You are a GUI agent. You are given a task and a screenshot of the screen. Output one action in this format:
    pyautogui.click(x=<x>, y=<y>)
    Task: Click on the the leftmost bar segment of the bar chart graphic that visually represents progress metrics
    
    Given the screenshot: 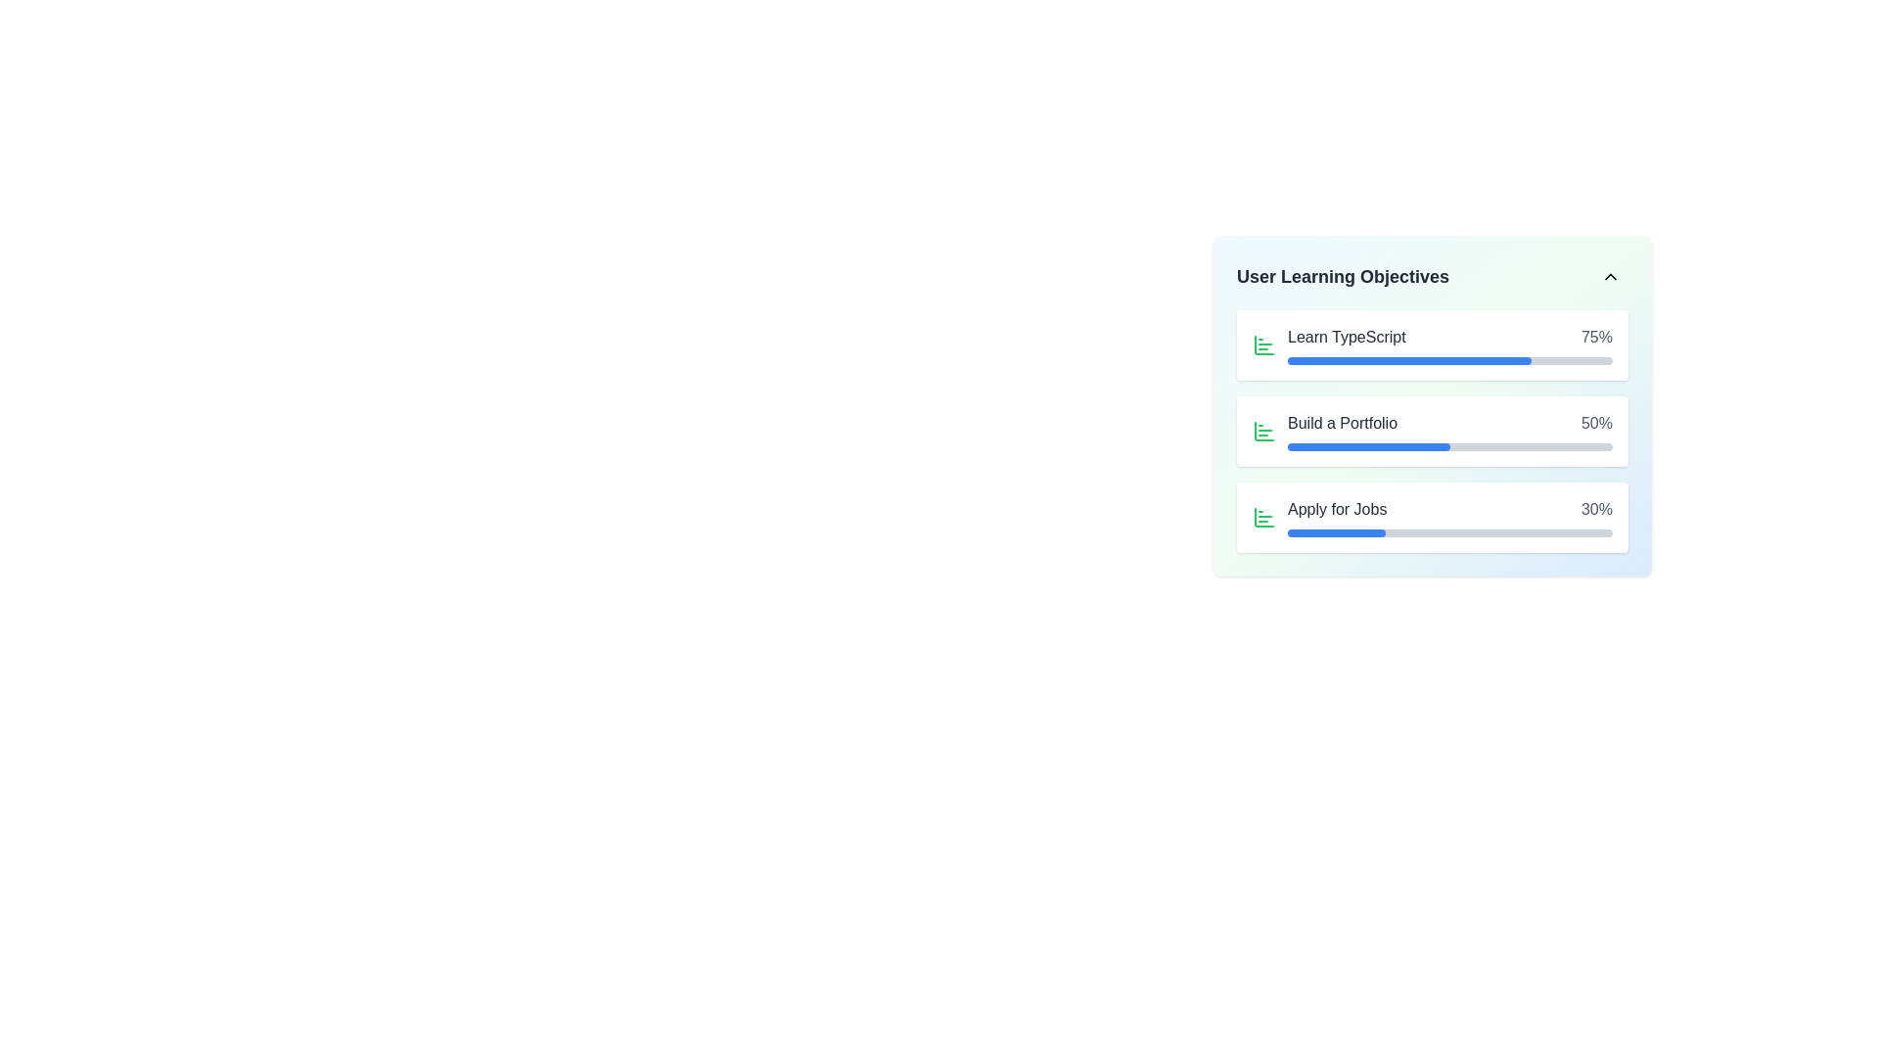 What is the action you would take?
    pyautogui.click(x=1263, y=516)
    